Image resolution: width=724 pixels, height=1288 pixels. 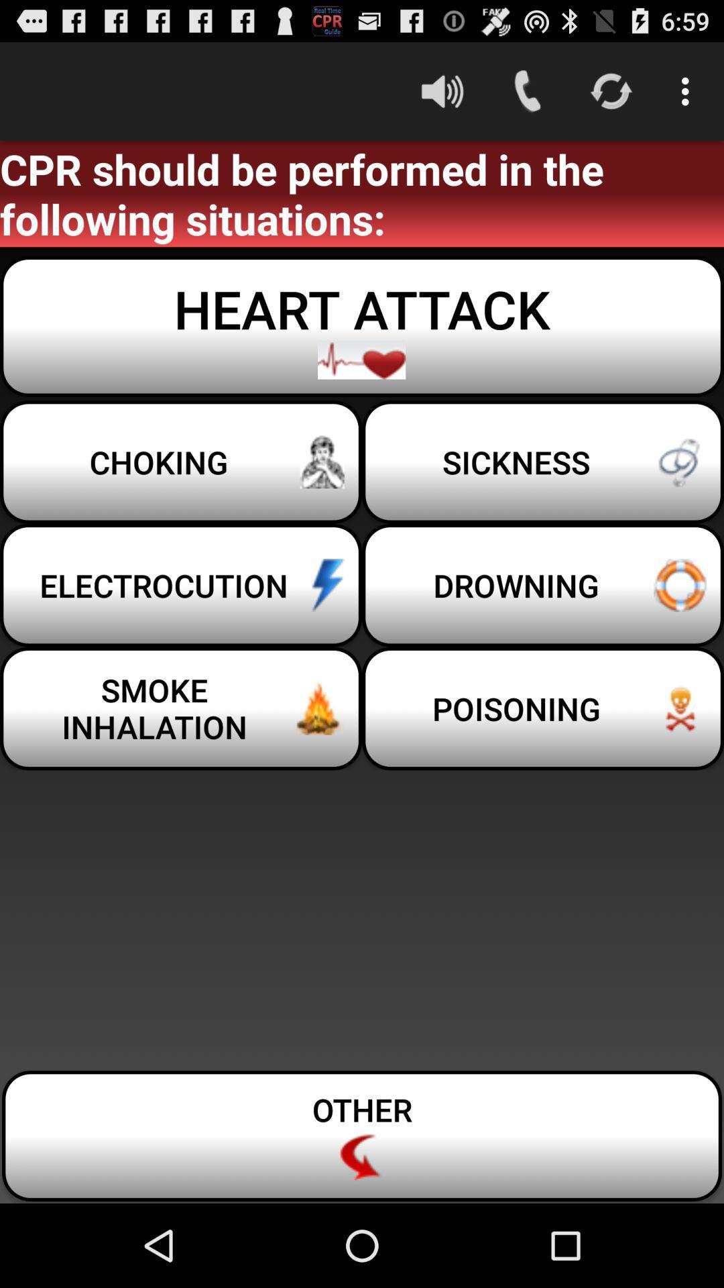 I want to click on the sickness item, so click(x=543, y=462).